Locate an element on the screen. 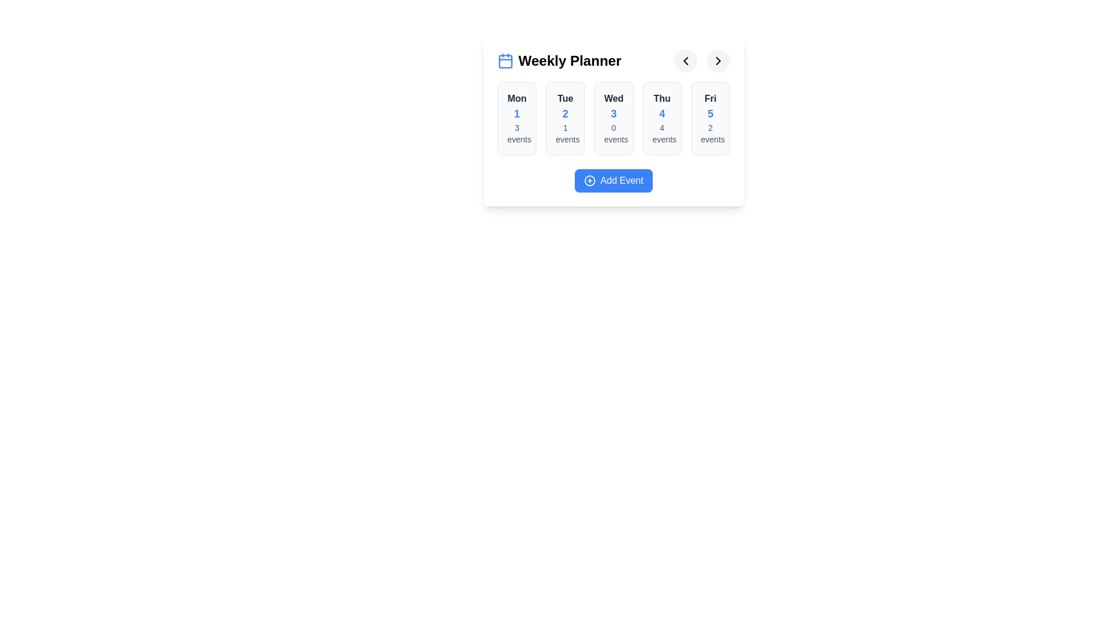 The height and width of the screenshot is (628, 1116). the 'Add Event' button to trigger the event creation functionality is located at coordinates (613, 181).